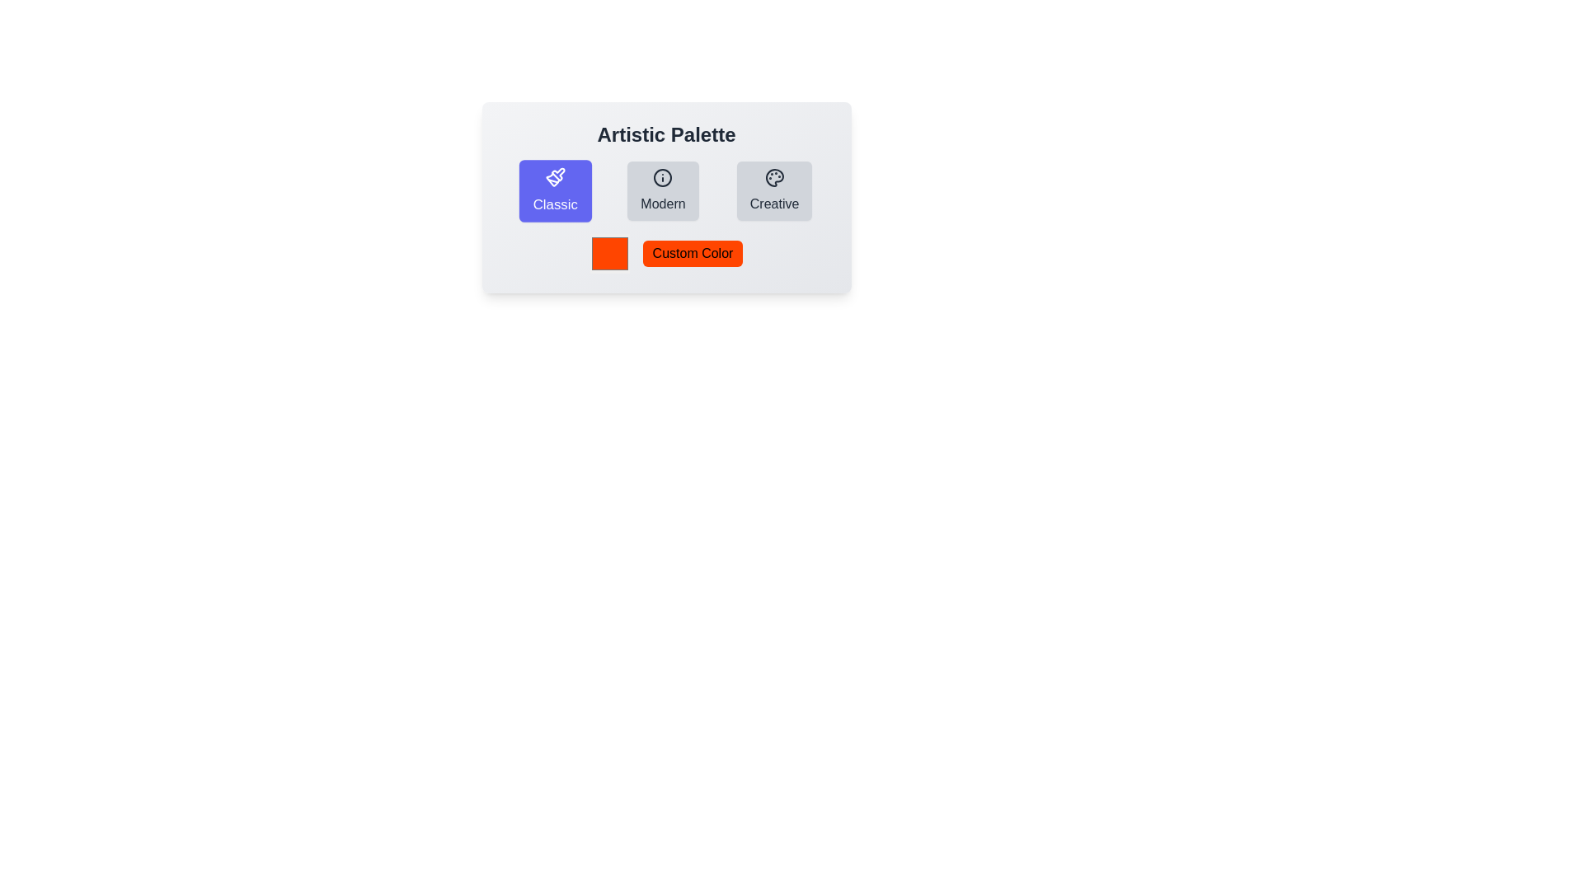  What do you see at coordinates (663, 190) in the screenshot?
I see `the palette option Modern` at bounding box center [663, 190].